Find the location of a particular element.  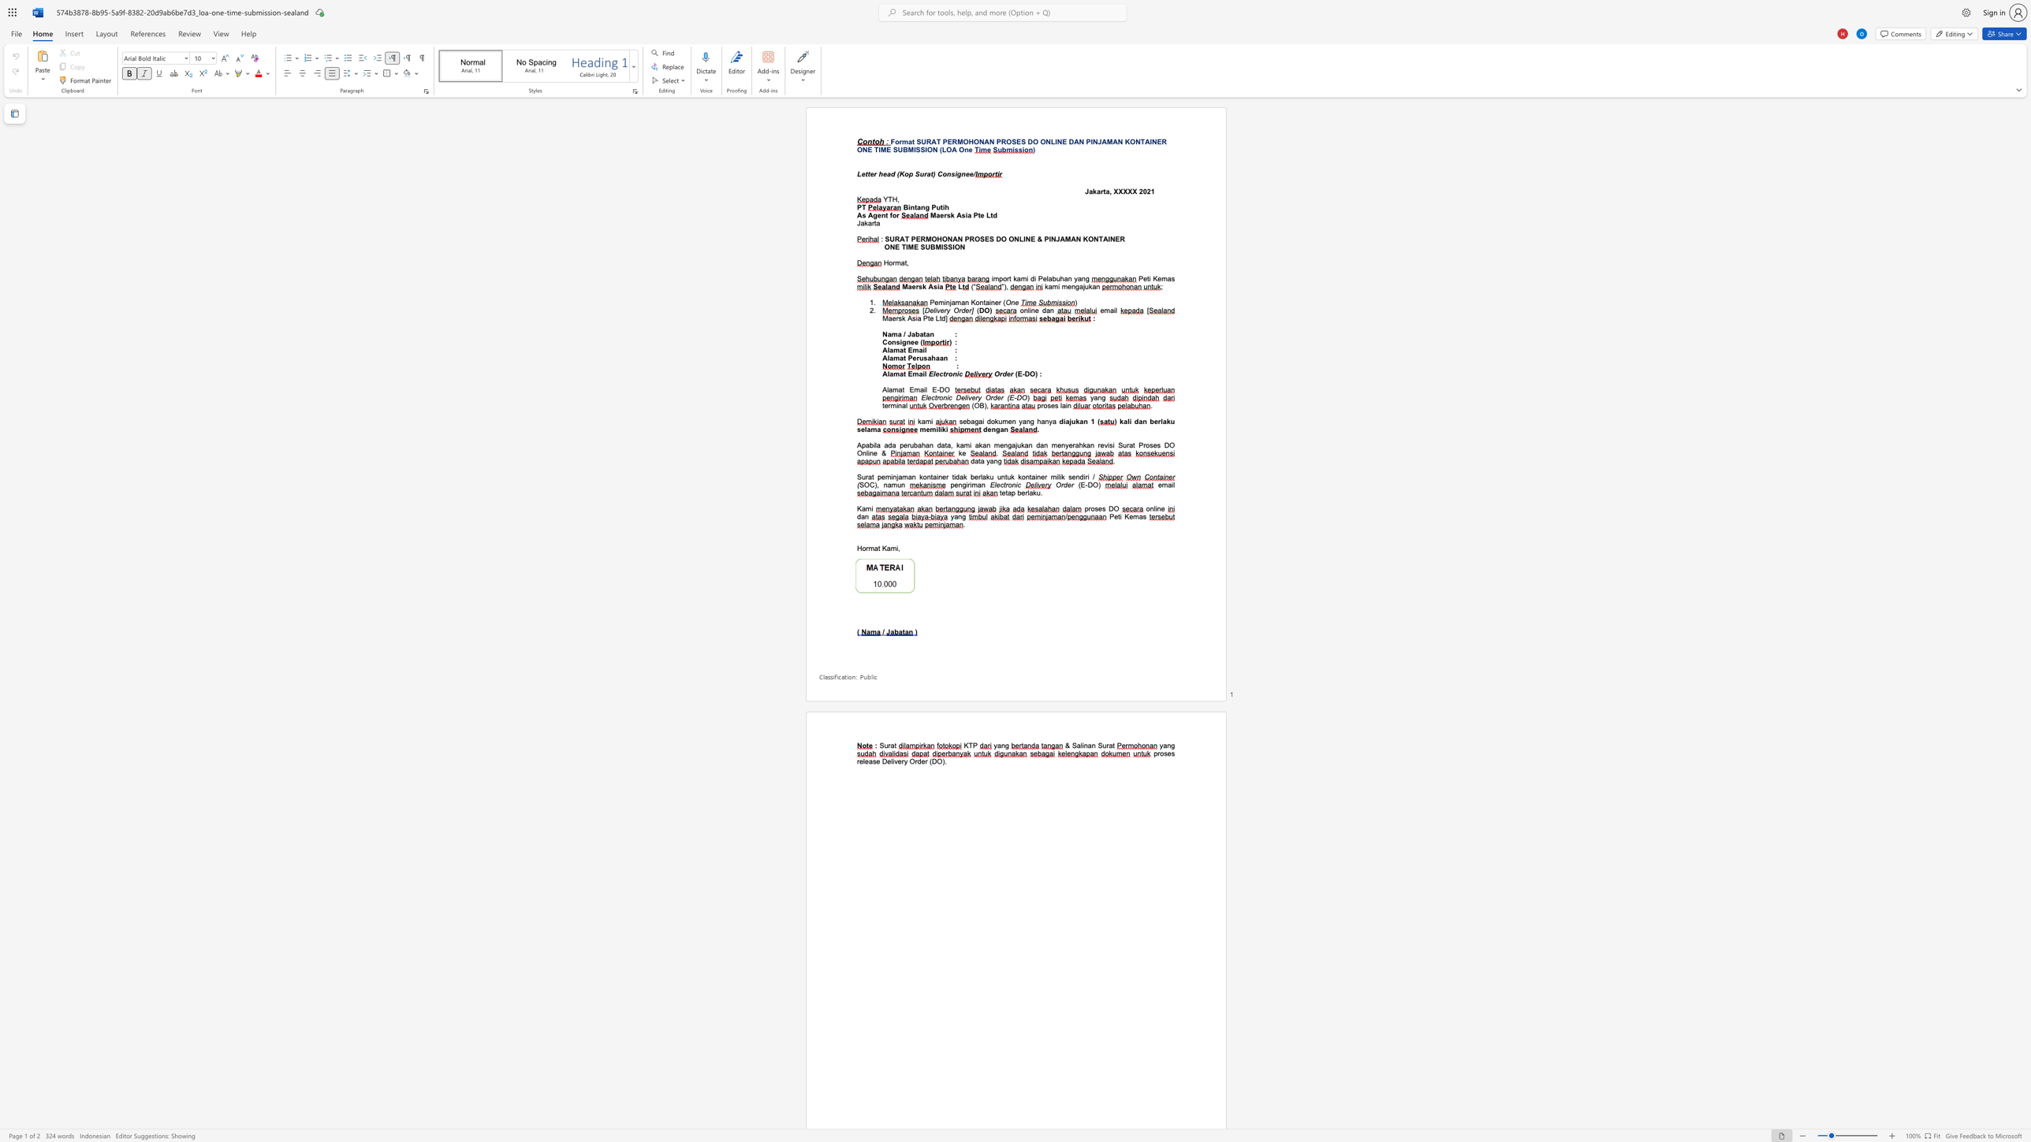

the space between the continuous character "i" and "n" in the text is located at coordinates (897, 404).